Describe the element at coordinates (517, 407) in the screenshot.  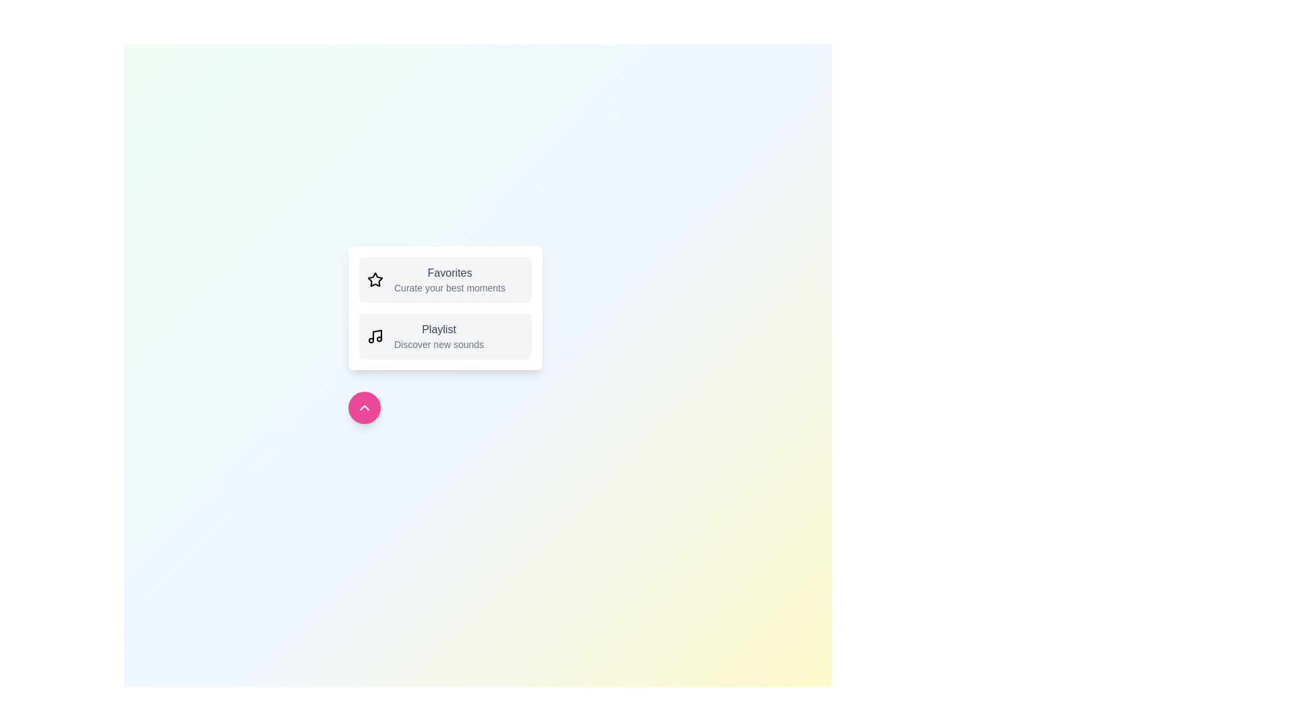
I see `the background of the component` at that location.